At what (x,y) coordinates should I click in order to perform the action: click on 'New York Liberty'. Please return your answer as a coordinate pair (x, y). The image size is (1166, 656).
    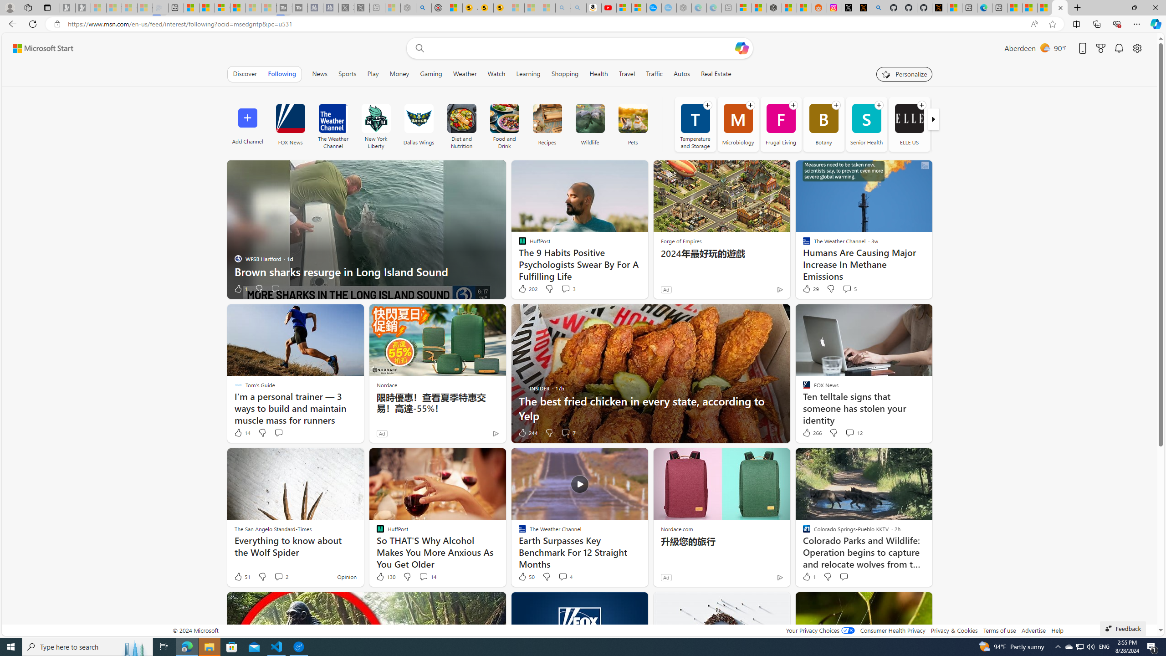
    Looking at the image, I should click on (375, 123).